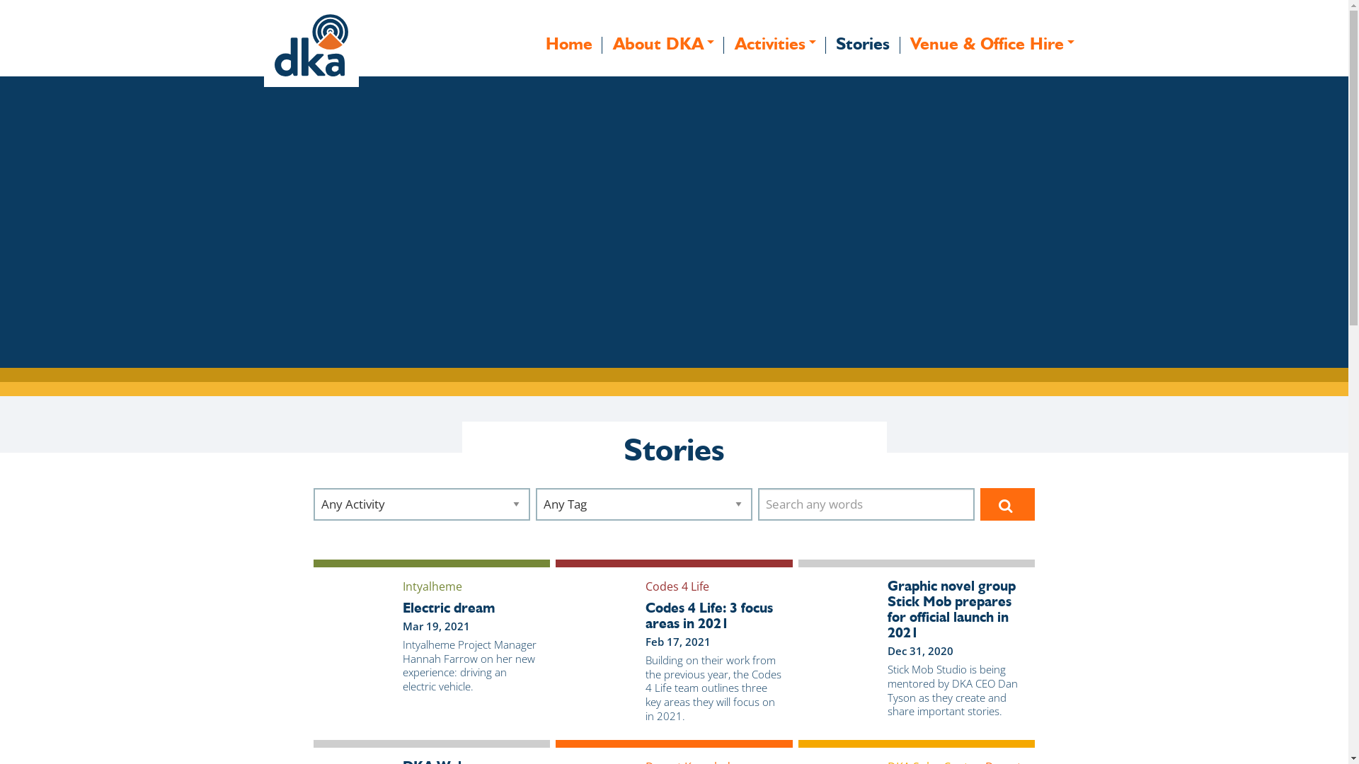 This screenshot has width=1359, height=764. I want to click on 'Codes 4 Life: 3 focus areas in 2021', so click(713, 615).